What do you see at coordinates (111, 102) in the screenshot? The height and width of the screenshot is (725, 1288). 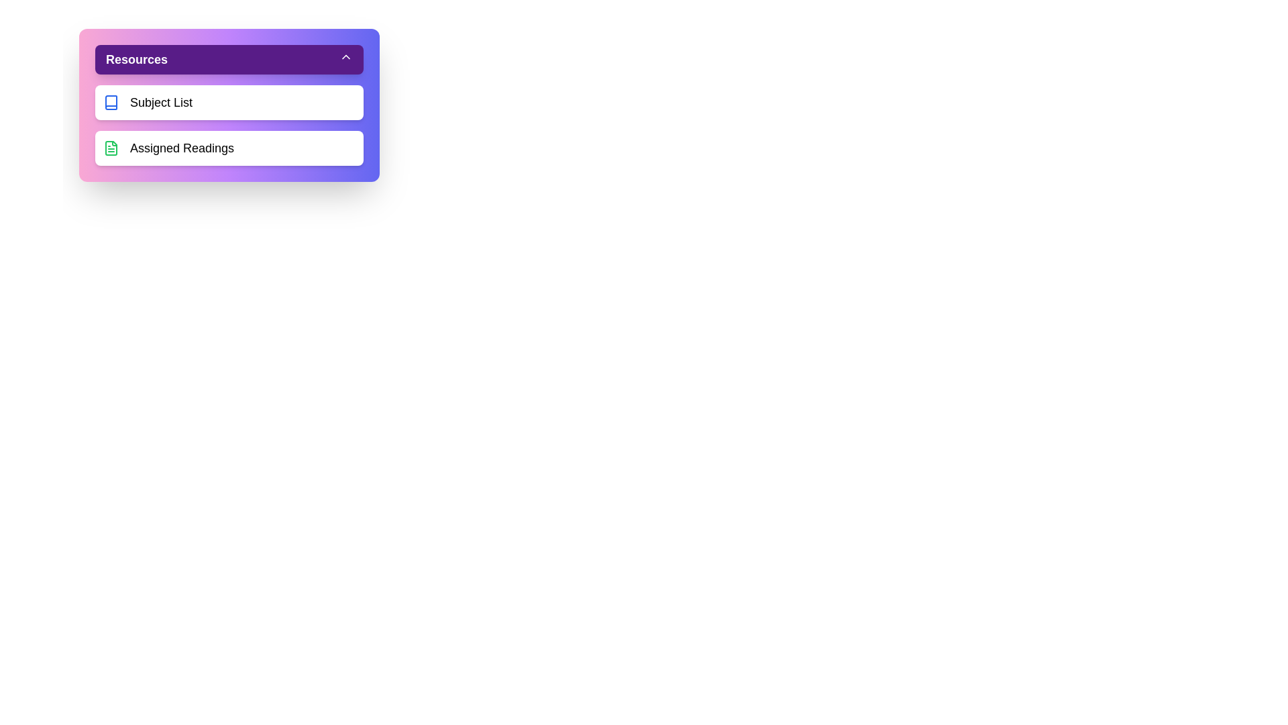 I see `the book icon representing the 'Subject List' menu item, located to the left of the 'Subject List' text below the 'Resources' heading` at bounding box center [111, 102].